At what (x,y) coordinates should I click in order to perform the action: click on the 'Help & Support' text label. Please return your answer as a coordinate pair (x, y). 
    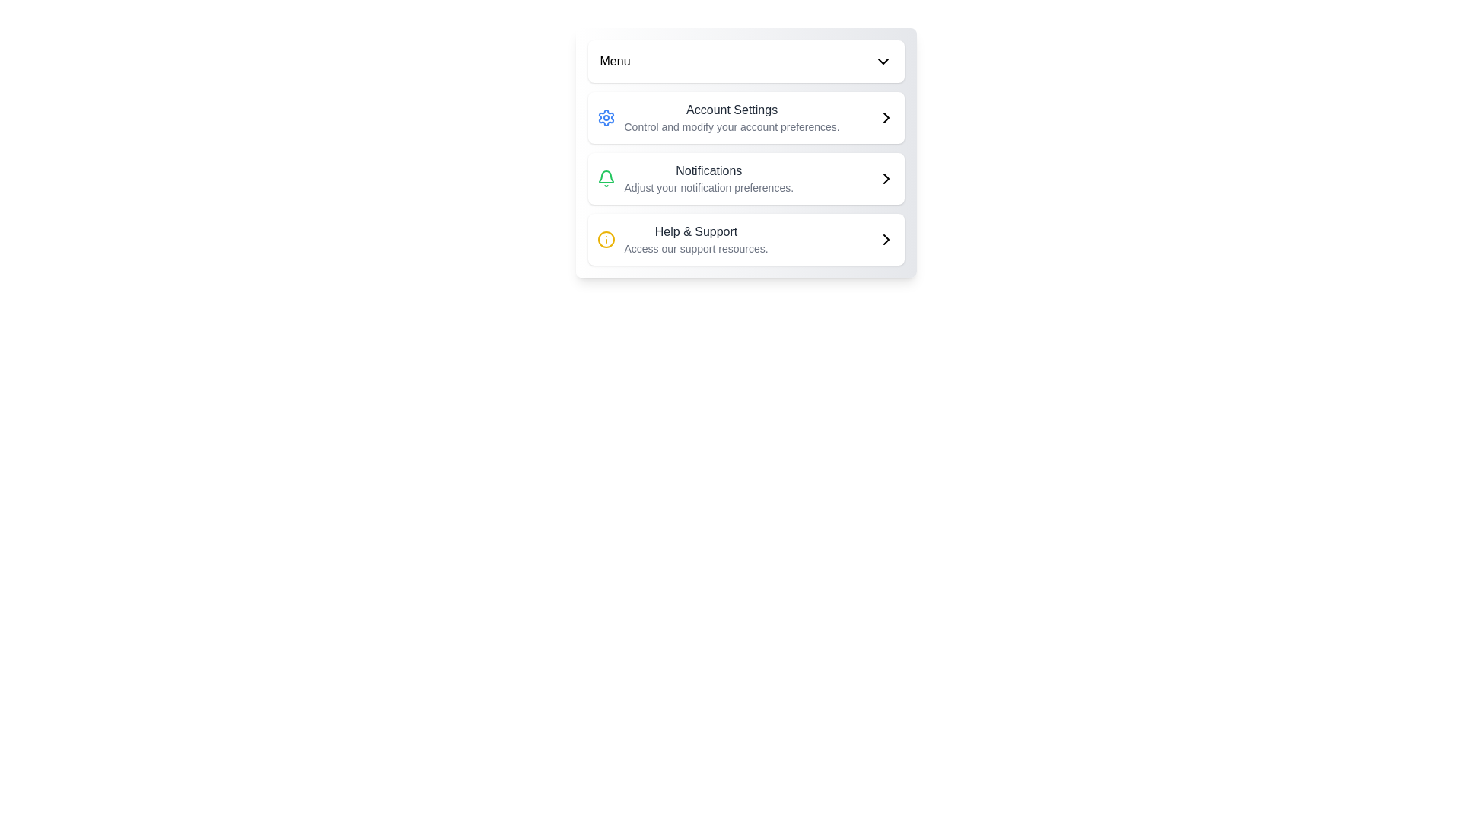
    Looking at the image, I should click on (695, 231).